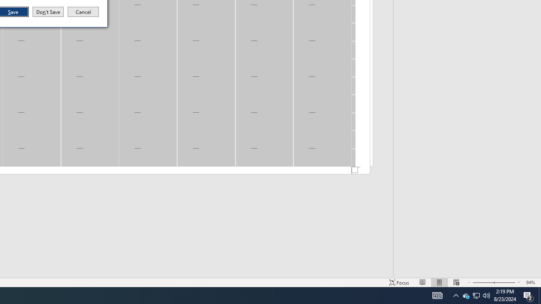 The width and height of the screenshot is (541, 304). What do you see at coordinates (539, 295) in the screenshot?
I see `'Show desktop'` at bounding box center [539, 295].